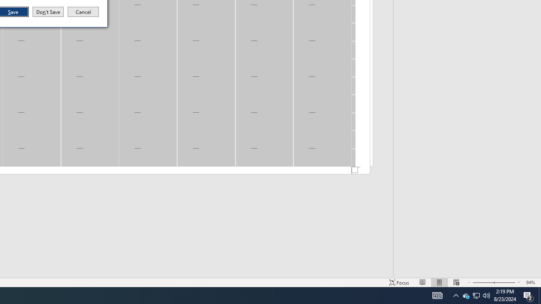 The width and height of the screenshot is (541, 304). What do you see at coordinates (539, 295) in the screenshot?
I see `'Show desktop'` at bounding box center [539, 295].